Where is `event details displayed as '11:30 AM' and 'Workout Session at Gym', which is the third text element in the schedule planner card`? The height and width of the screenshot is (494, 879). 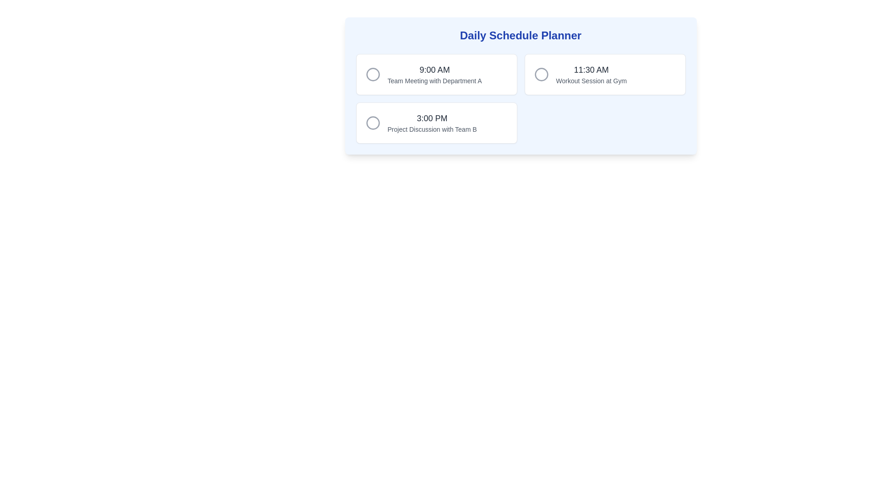
event details displayed as '11:30 AM' and 'Workout Session at Gym', which is the third text element in the schedule planner card is located at coordinates (591, 74).